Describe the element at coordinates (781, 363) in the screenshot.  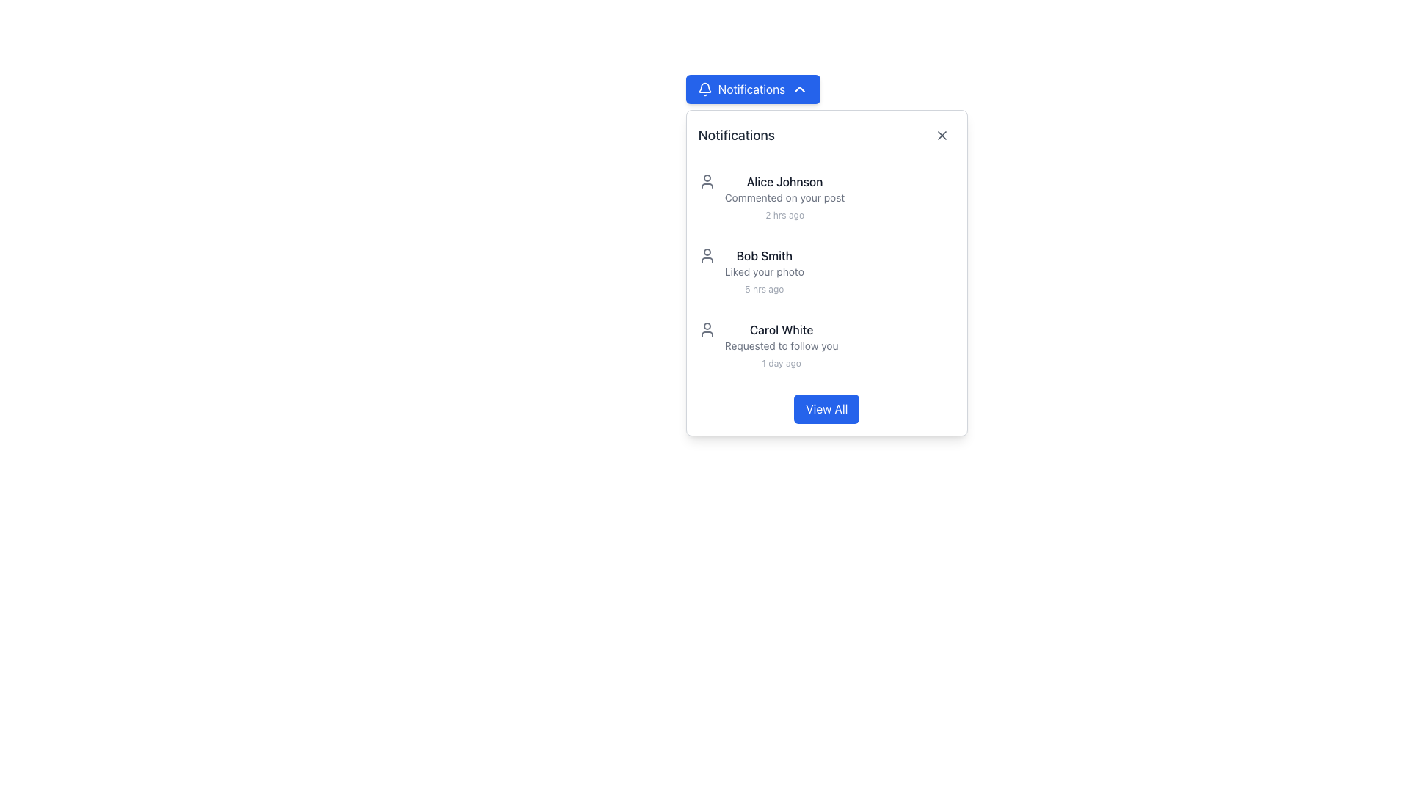
I see `the text label displaying '1 day ago', which is located at the bottom-right side of a notification entry, indicating a timestamp` at that location.